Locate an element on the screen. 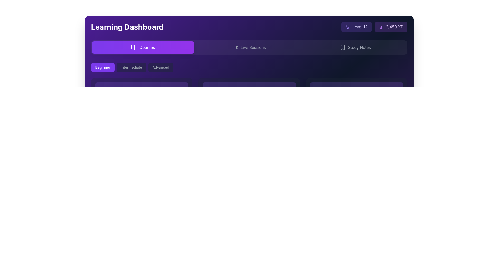 The image size is (493, 277). the left side of the book icon within the 'Courses' tab is located at coordinates (134, 47).